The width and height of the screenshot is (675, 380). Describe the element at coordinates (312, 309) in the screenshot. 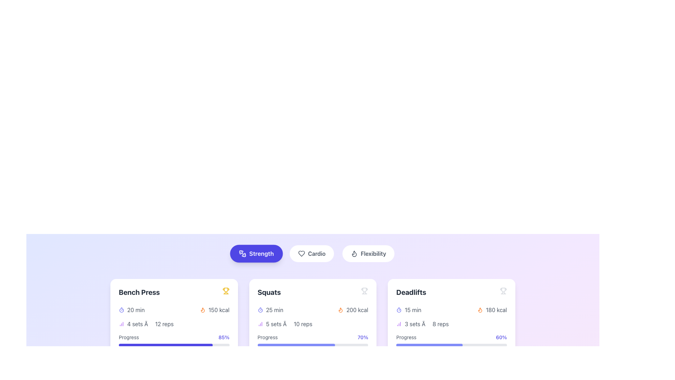

I see `the informational display bar that shows the duration ('25 min') and calorie count ('200 kcal') for the workout routine labeled 'Squats', located in the top section under the title` at that location.